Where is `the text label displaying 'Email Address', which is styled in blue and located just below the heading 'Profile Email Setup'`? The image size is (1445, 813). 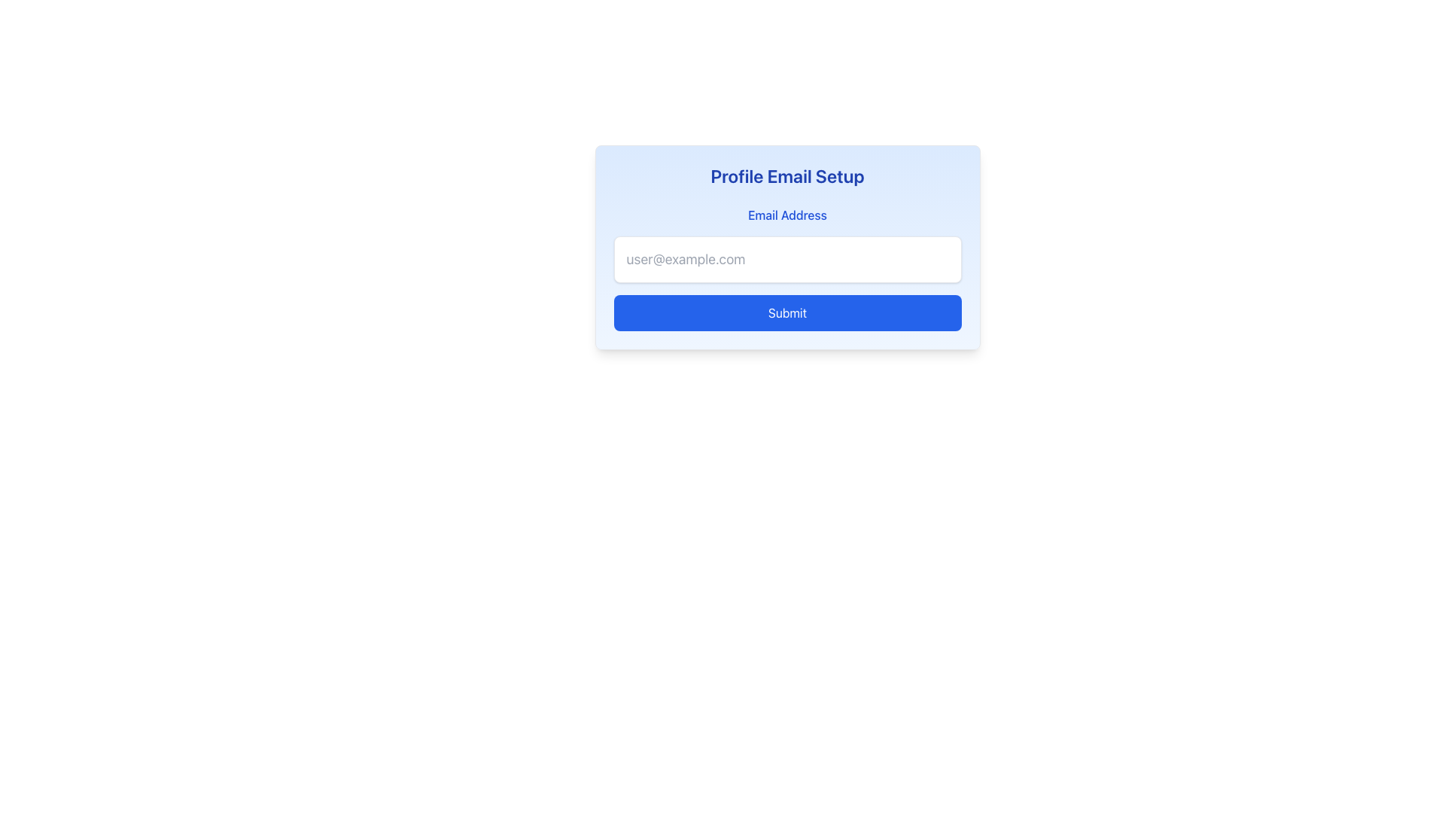 the text label displaying 'Email Address', which is styled in blue and located just below the heading 'Profile Email Setup' is located at coordinates (786, 215).